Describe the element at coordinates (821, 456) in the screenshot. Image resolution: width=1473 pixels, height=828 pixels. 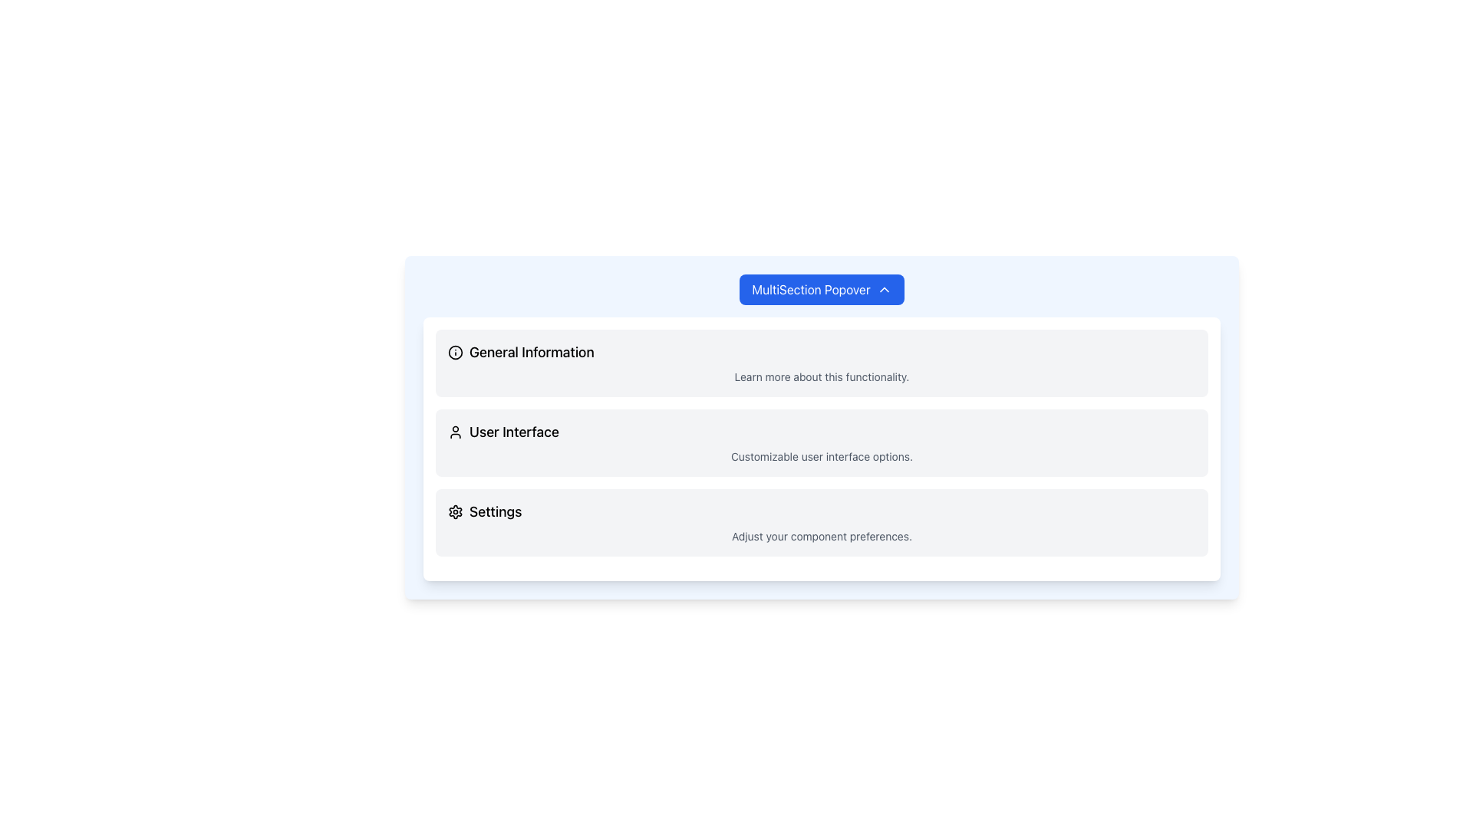
I see `the informational text label positioned below the 'User Interface' header, which serves to provide additional context` at that location.